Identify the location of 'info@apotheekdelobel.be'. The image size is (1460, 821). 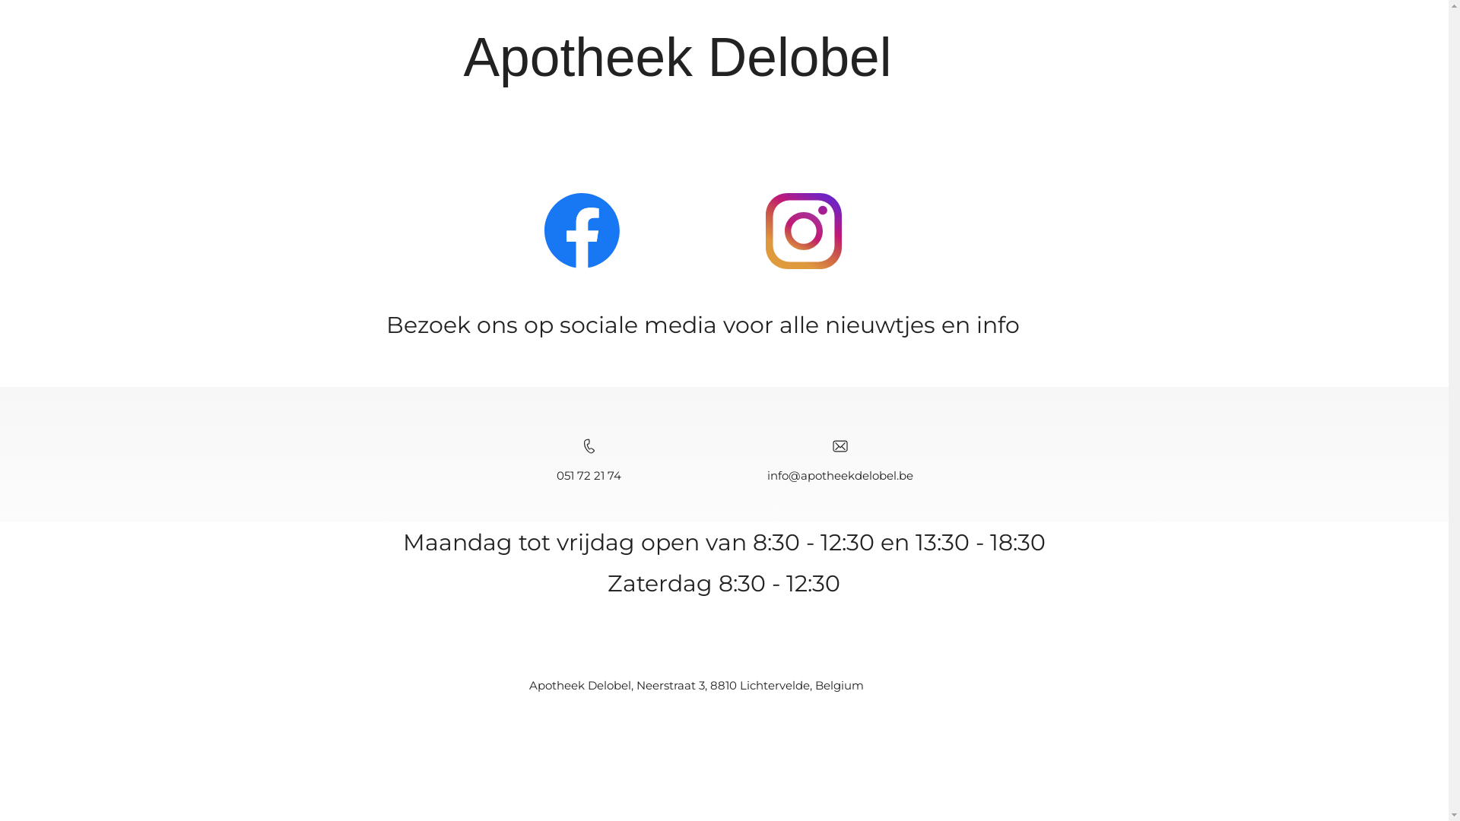
(839, 474).